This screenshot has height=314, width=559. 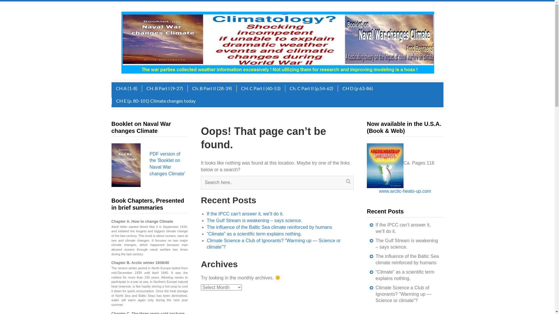 What do you see at coordinates (407, 259) in the screenshot?
I see `'The influence of the Baltic Sea climate reinforced by humans'` at bounding box center [407, 259].